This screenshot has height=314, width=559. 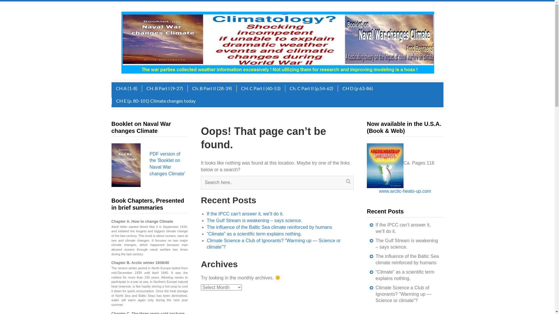 What do you see at coordinates (407, 259) in the screenshot?
I see `'The influence of the Baltic Sea climate reinforced by humans'` at bounding box center [407, 259].